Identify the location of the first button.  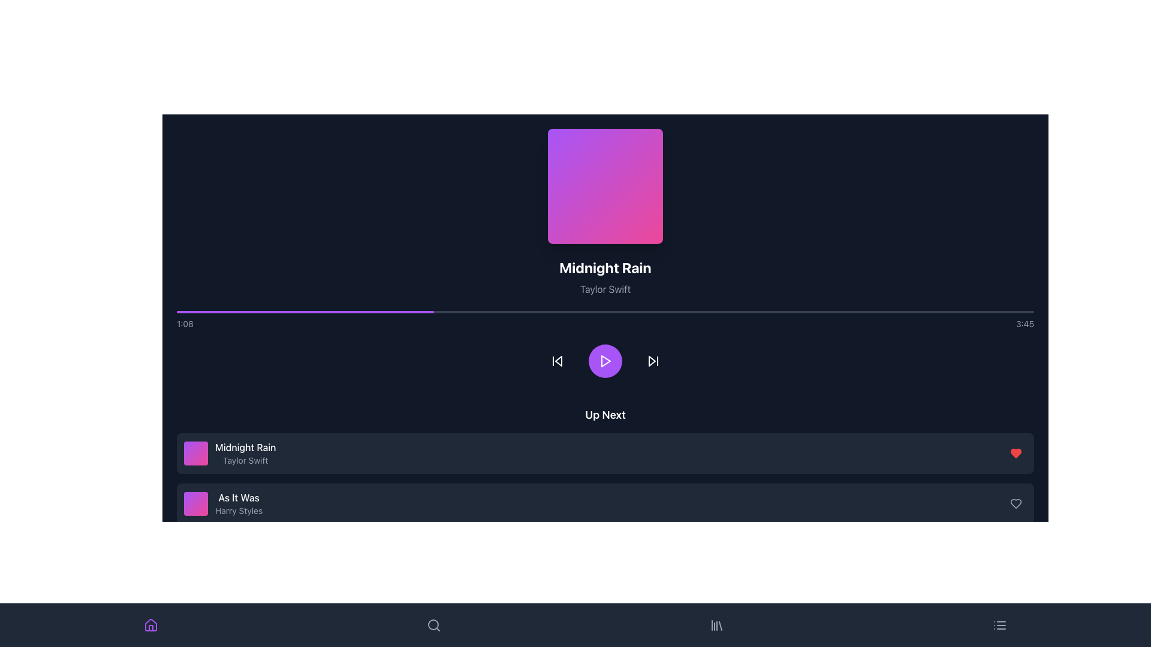
(557, 360).